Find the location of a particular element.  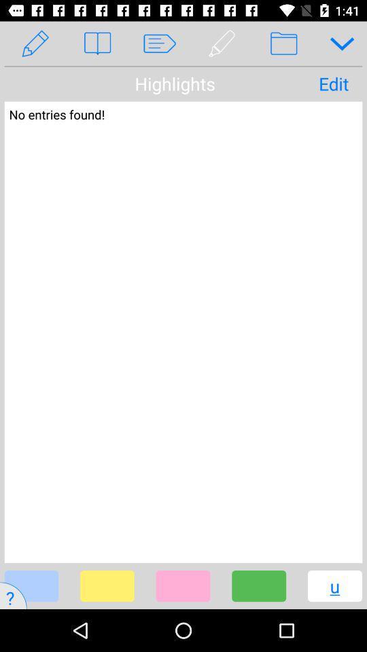

the folder icon which is at the top right is located at coordinates (283, 43).